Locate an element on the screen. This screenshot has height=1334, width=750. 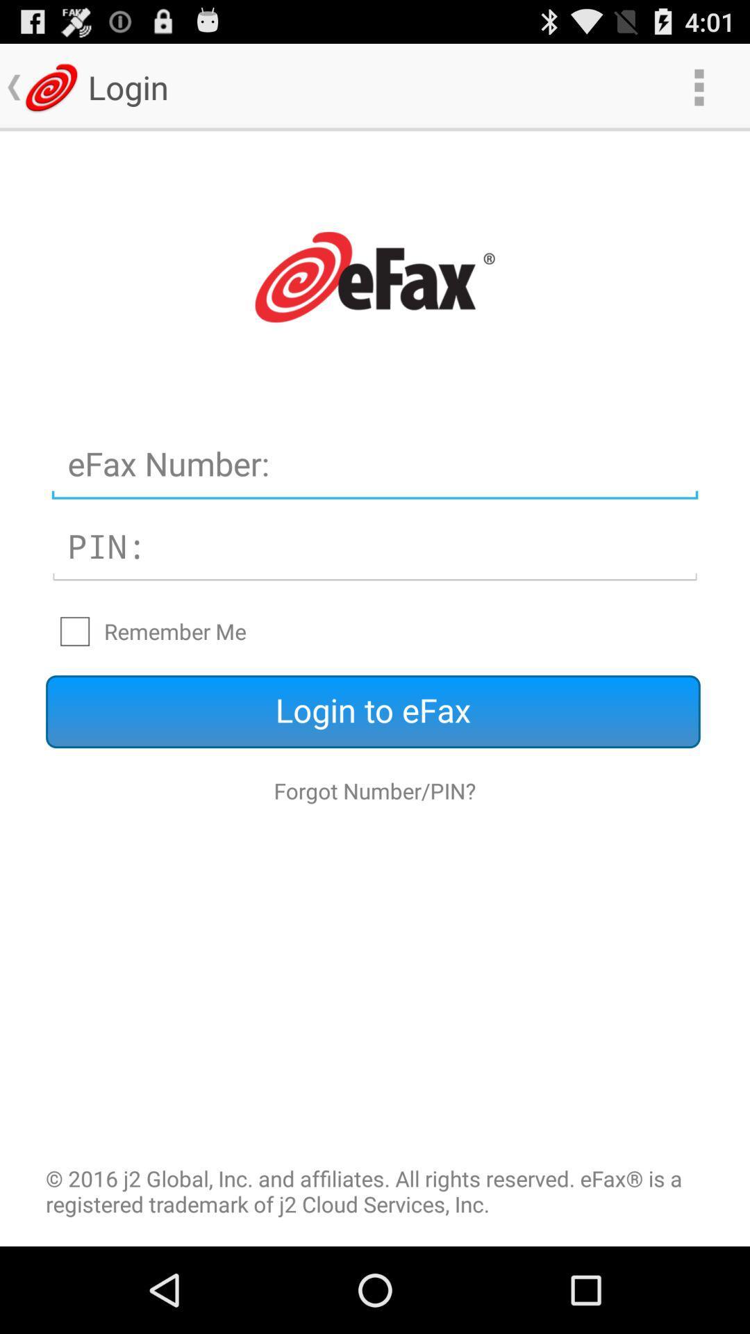
login to efax item is located at coordinates (372, 711).